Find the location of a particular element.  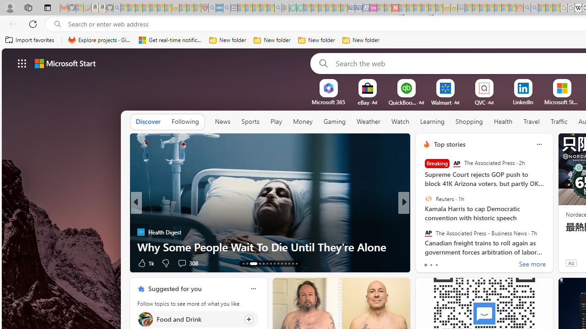

'54 Like' is located at coordinates (427, 263).